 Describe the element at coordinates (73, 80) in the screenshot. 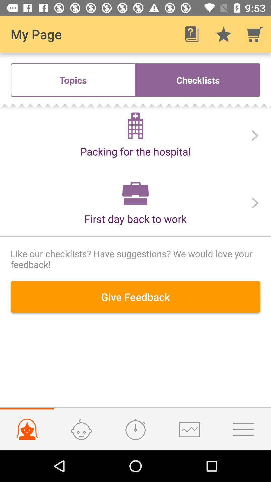

I see `the icon next to checklists item` at that location.